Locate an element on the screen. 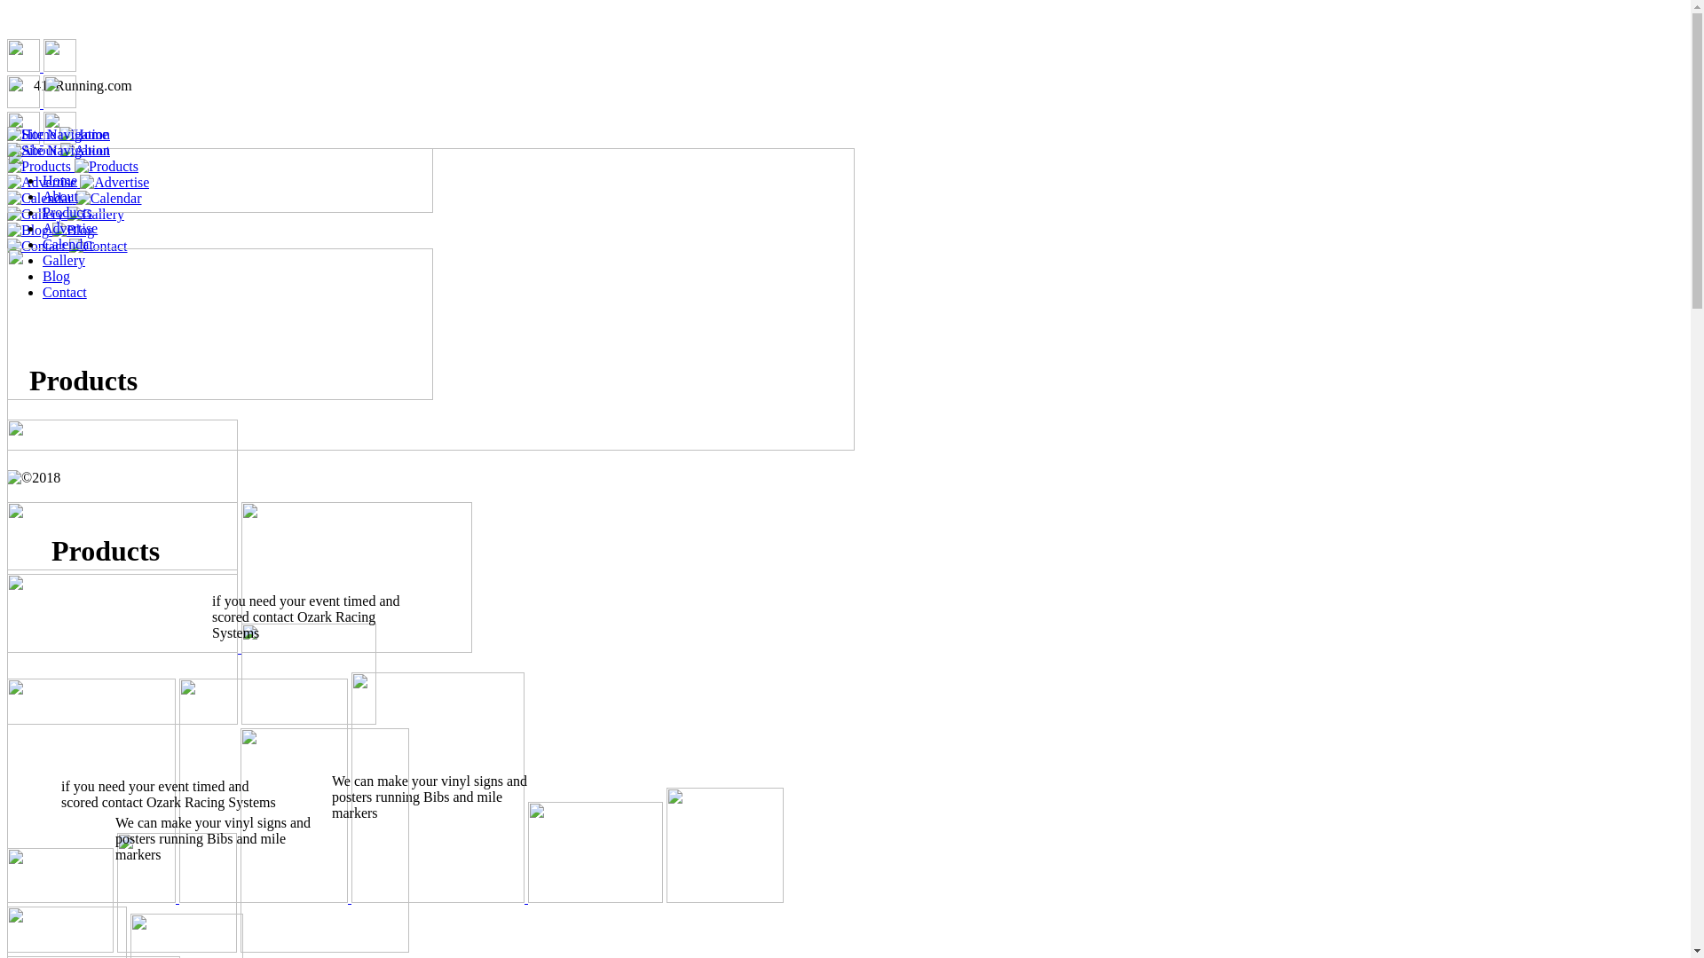 This screenshot has width=1704, height=958. 'Contact' is located at coordinates (64, 291).